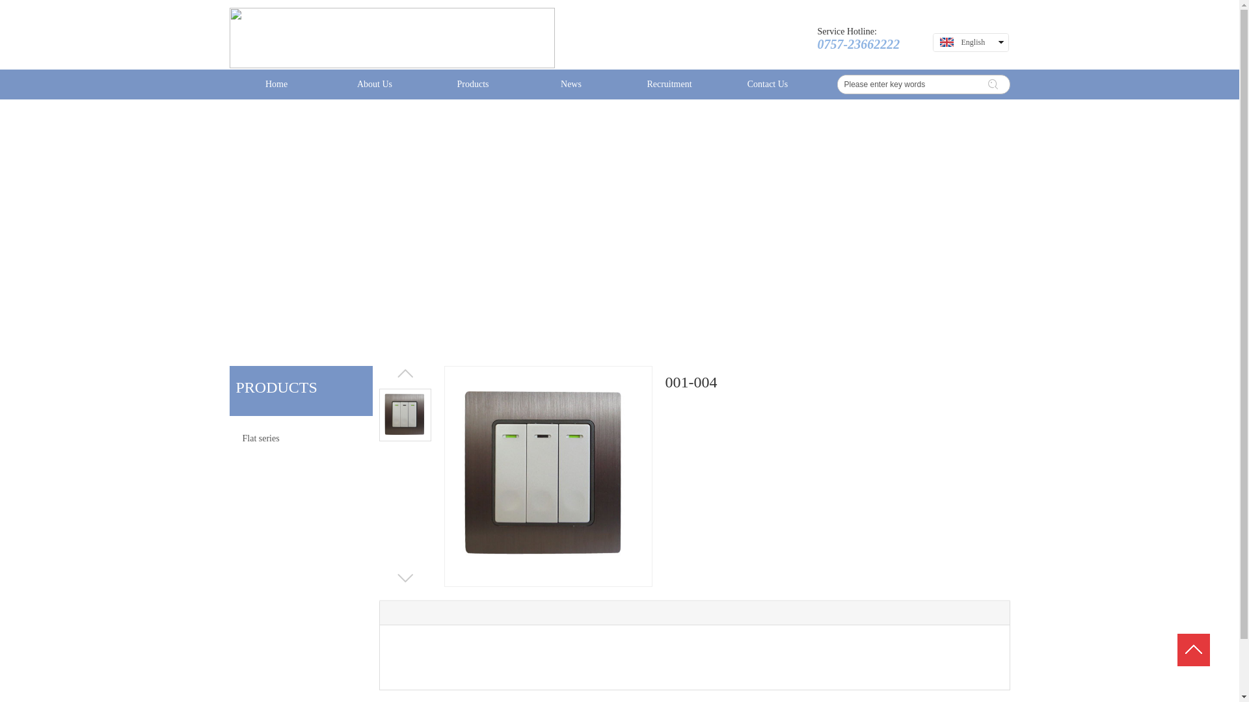 Image resolution: width=1249 pixels, height=702 pixels. I want to click on 'About Us', so click(374, 84).